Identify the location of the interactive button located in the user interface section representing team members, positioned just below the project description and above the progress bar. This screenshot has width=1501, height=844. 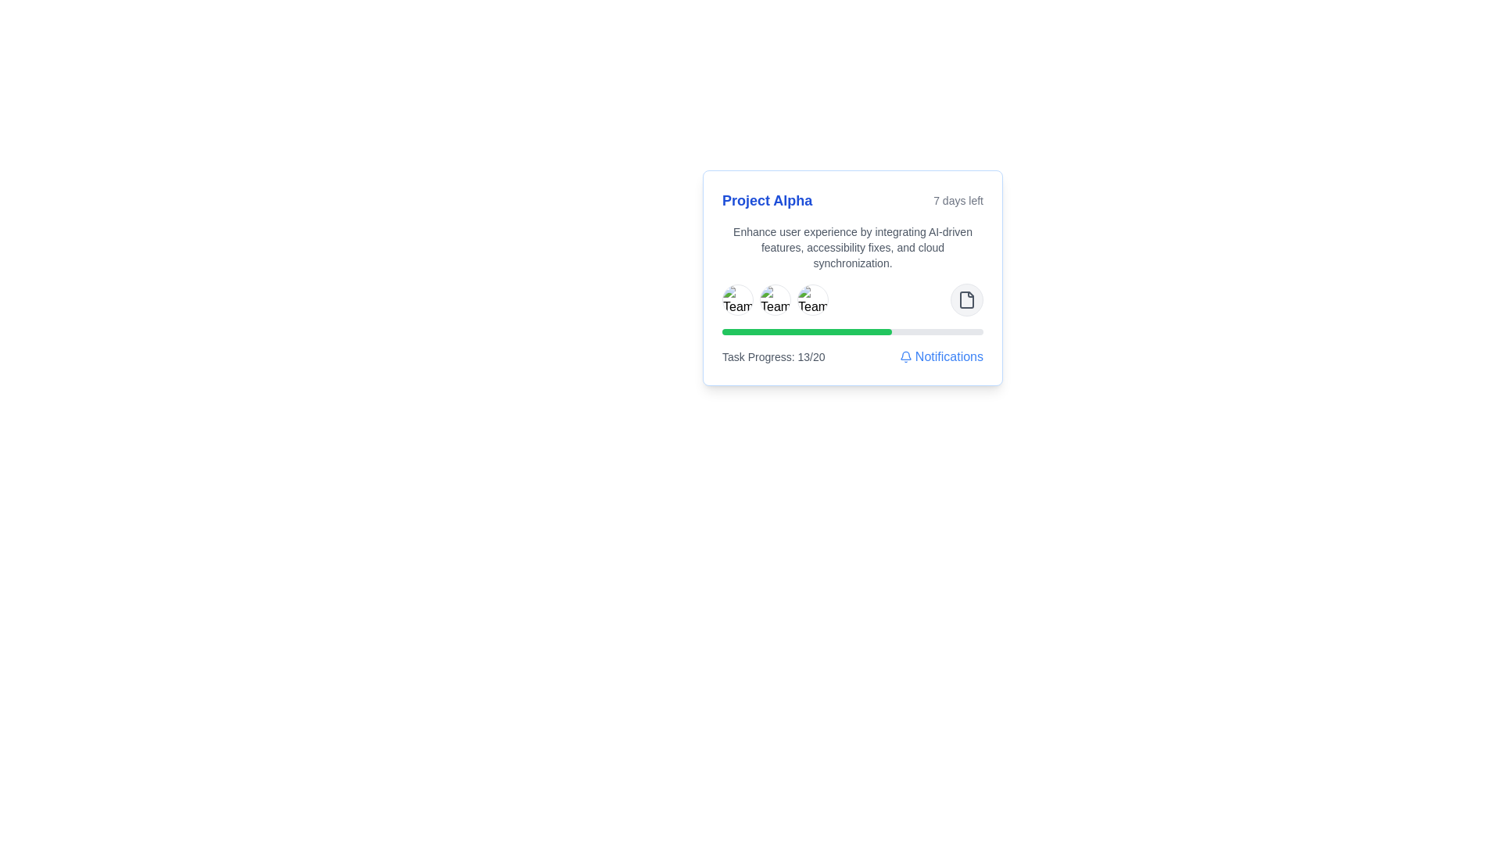
(851, 300).